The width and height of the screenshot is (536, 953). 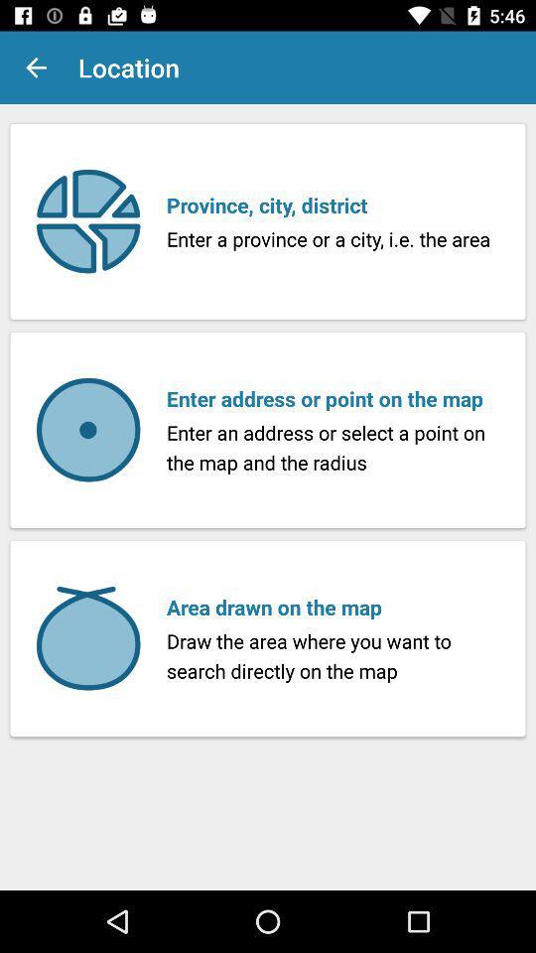 What do you see at coordinates (36, 68) in the screenshot?
I see `the item to the left of location icon` at bounding box center [36, 68].